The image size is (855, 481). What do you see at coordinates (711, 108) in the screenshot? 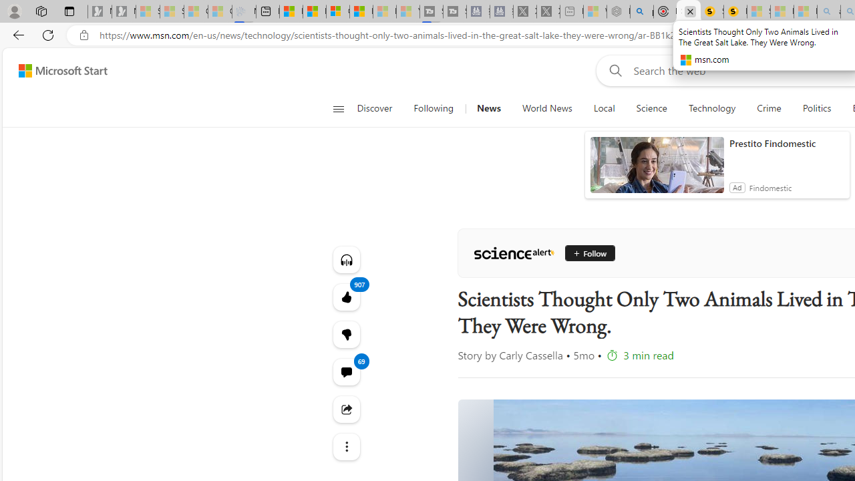
I see `'Technology'` at bounding box center [711, 108].